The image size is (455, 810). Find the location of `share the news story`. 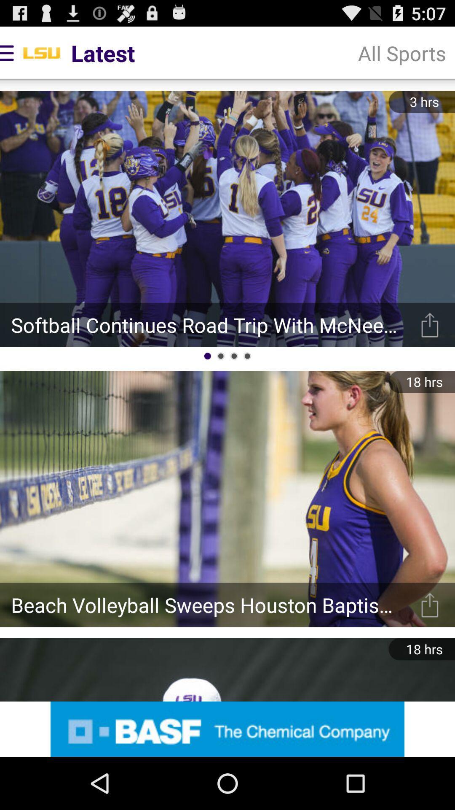

share the news story is located at coordinates (430, 324).